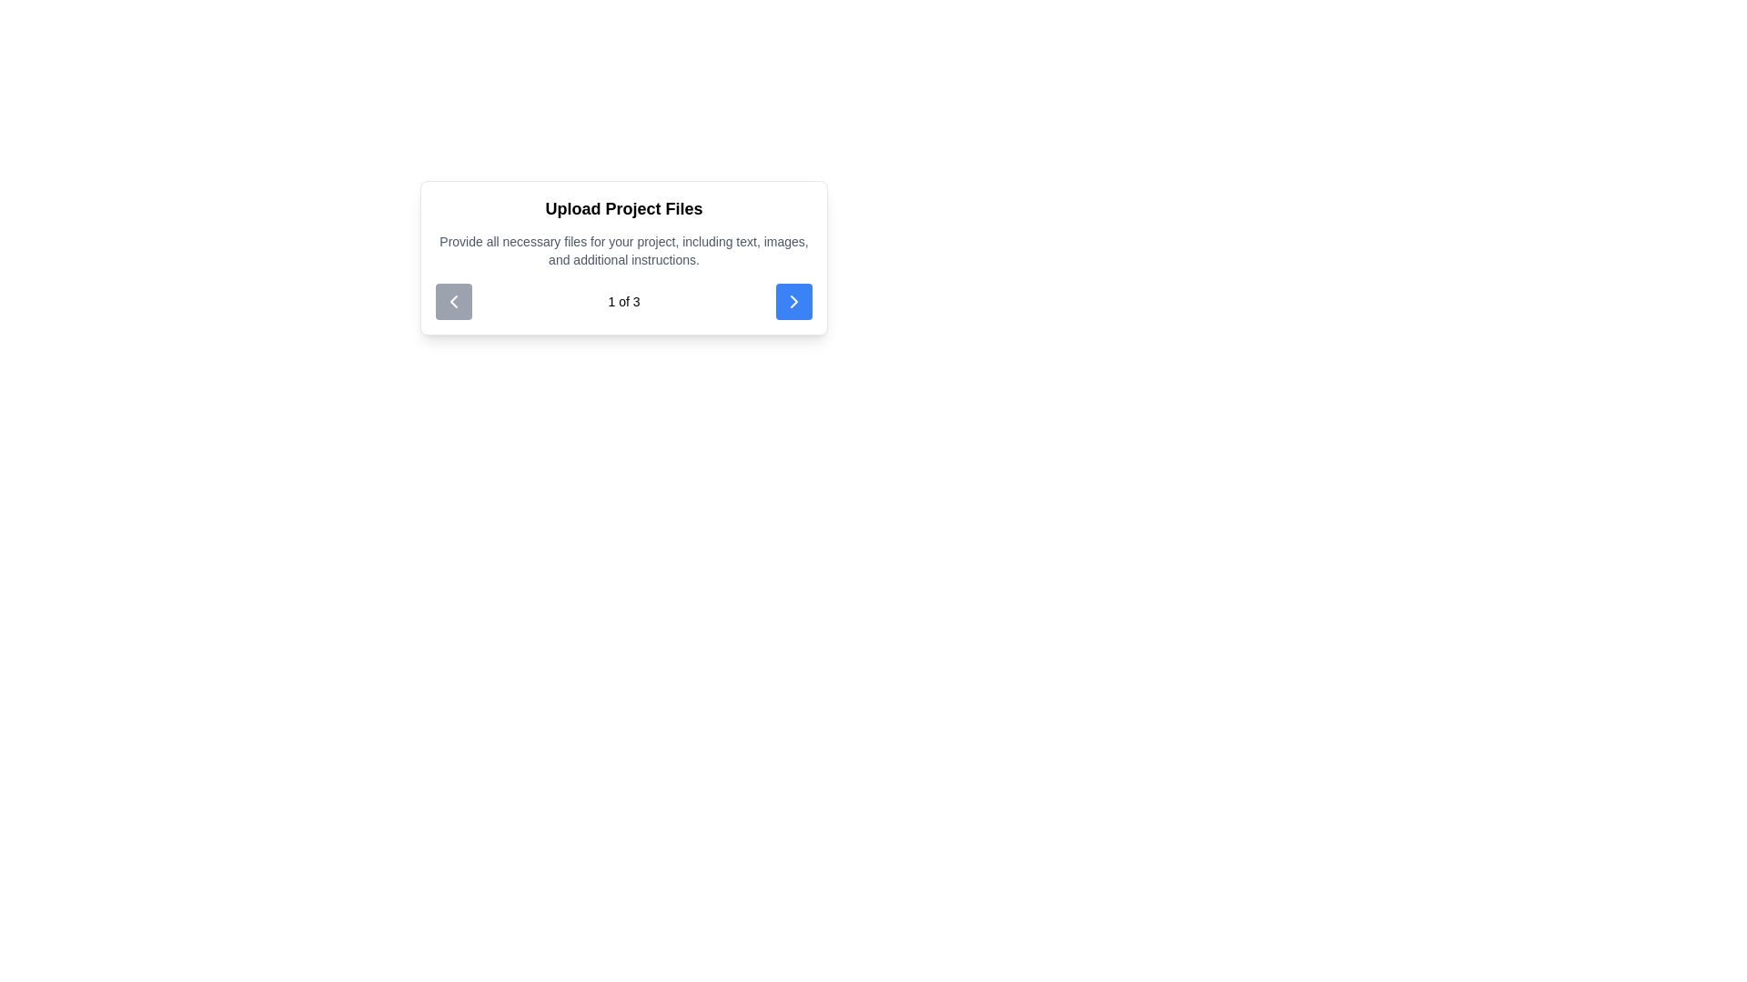 The width and height of the screenshot is (1747, 982). I want to click on the Text Indicator displaying '1 of 3' in the navigation bar at the bottom of the 'Upload Project Files' card interface, so click(624, 300).